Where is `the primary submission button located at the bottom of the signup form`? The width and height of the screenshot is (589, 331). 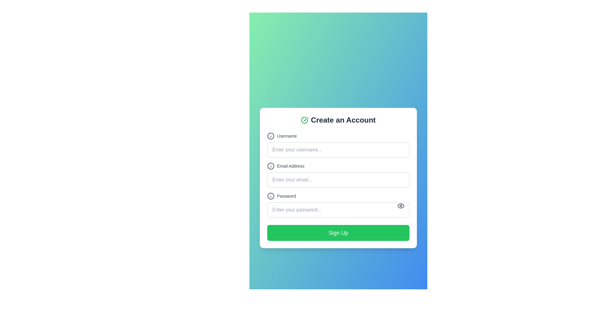
the primary submission button located at the bottom of the signup form is located at coordinates (338, 233).